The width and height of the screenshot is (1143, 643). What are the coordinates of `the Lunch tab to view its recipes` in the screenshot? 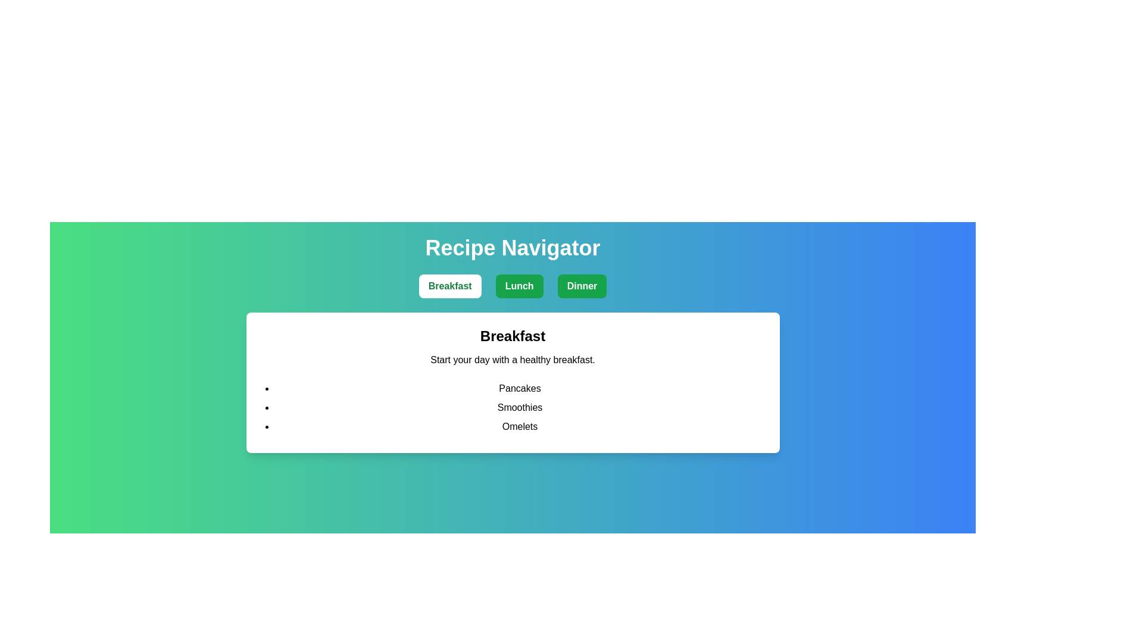 It's located at (519, 286).